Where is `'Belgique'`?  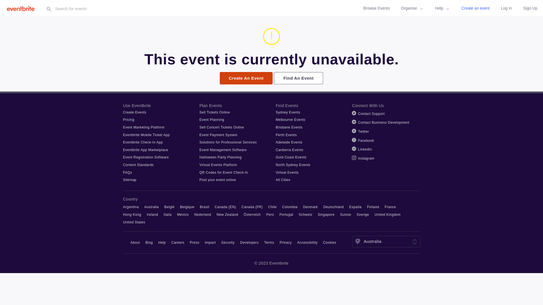 'Belgique' is located at coordinates (187, 207).